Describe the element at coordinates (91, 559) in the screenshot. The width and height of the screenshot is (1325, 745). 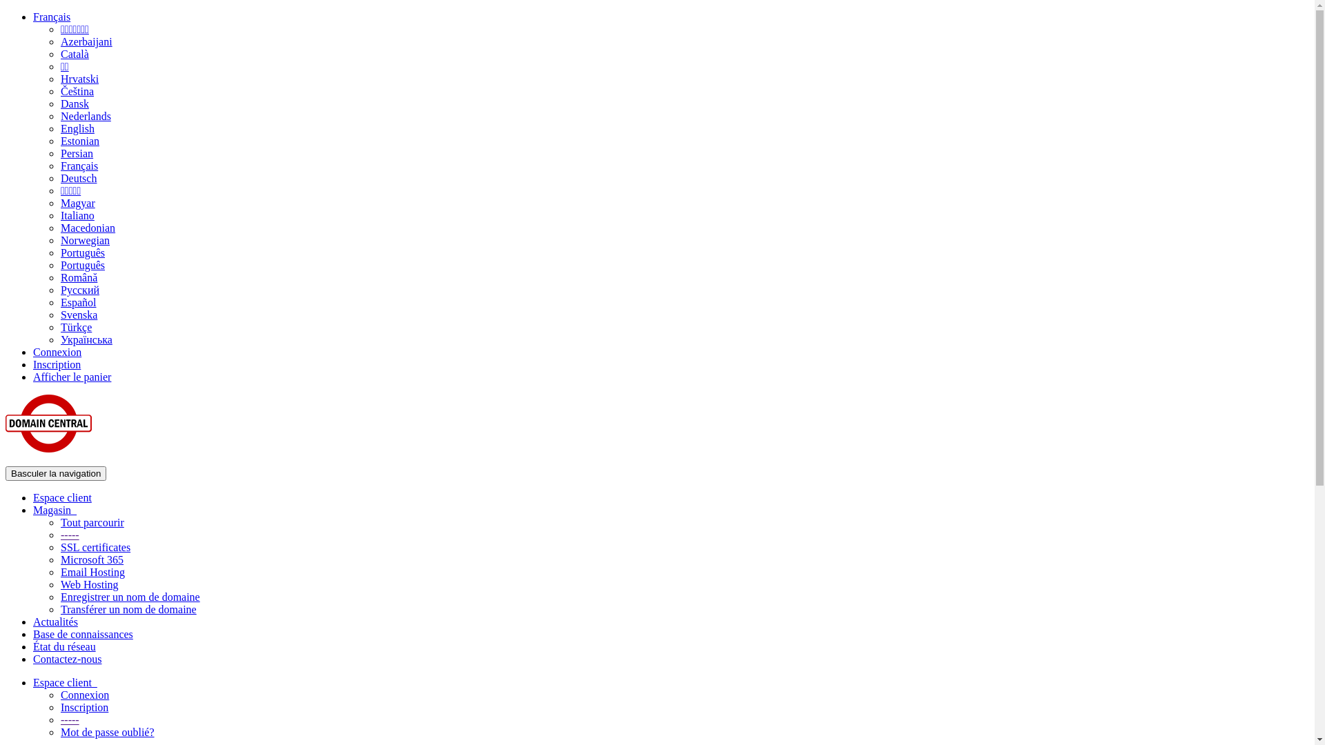
I see `'Microsoft 365'` at that location.